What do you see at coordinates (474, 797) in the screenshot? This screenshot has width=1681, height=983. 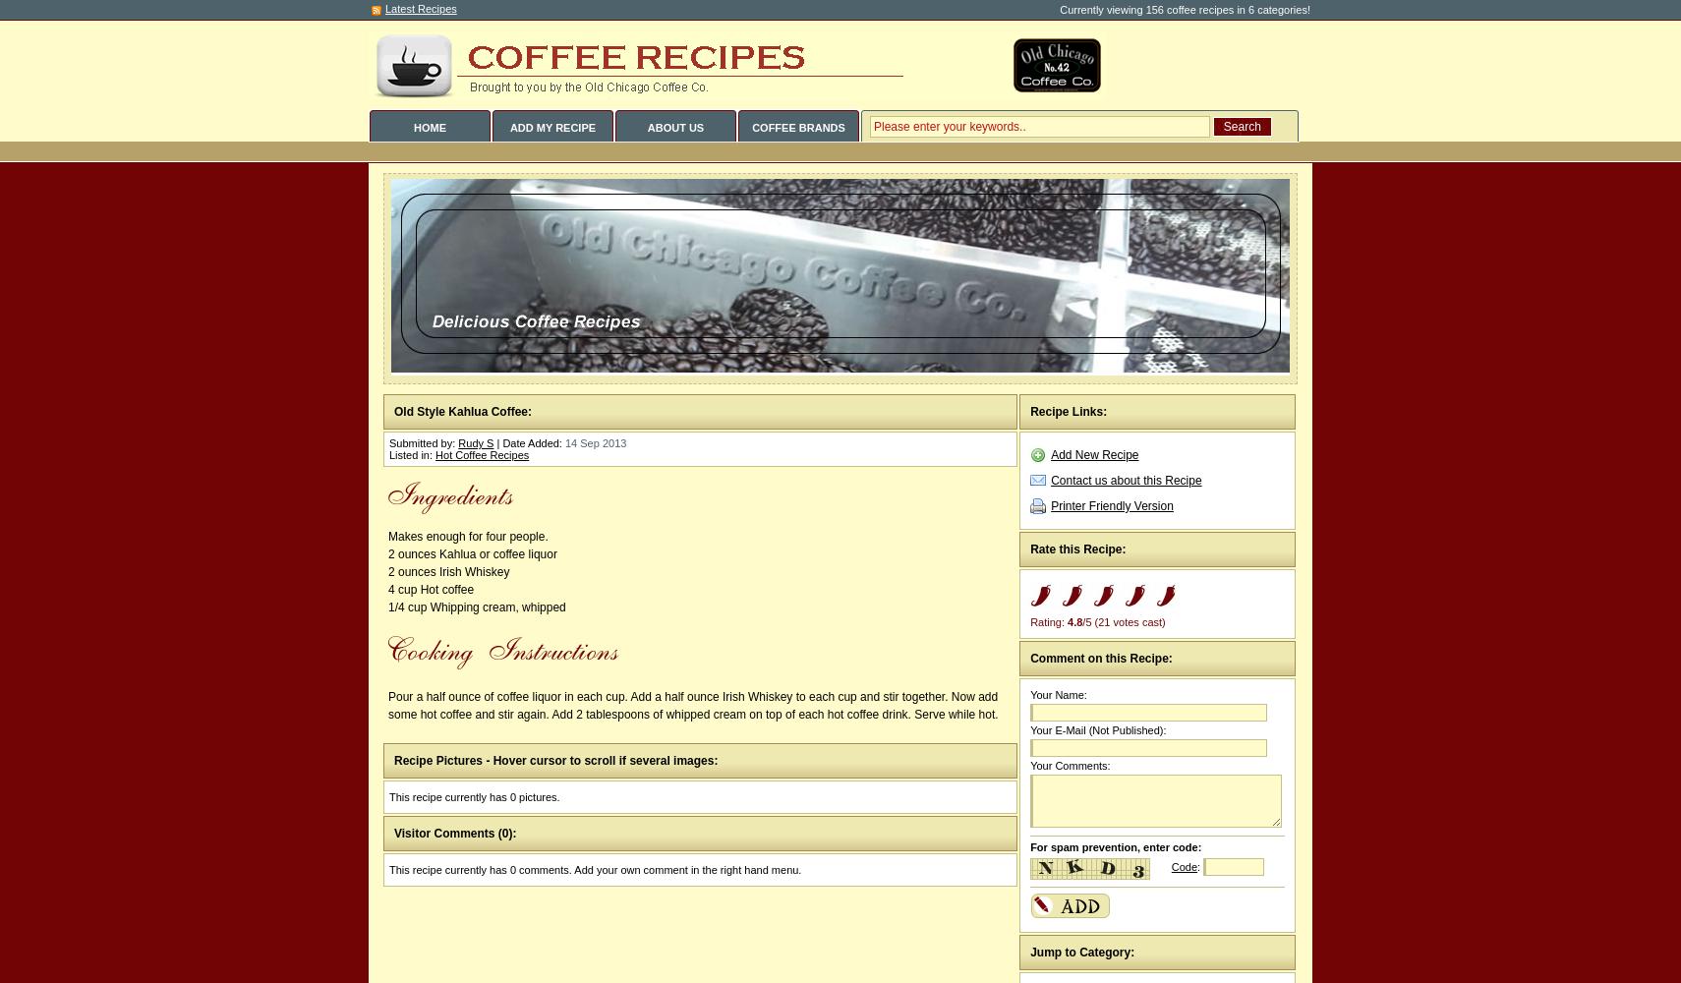 I see `'This recipe currently has 0 pictures.'` at bounding box center [474, 797].